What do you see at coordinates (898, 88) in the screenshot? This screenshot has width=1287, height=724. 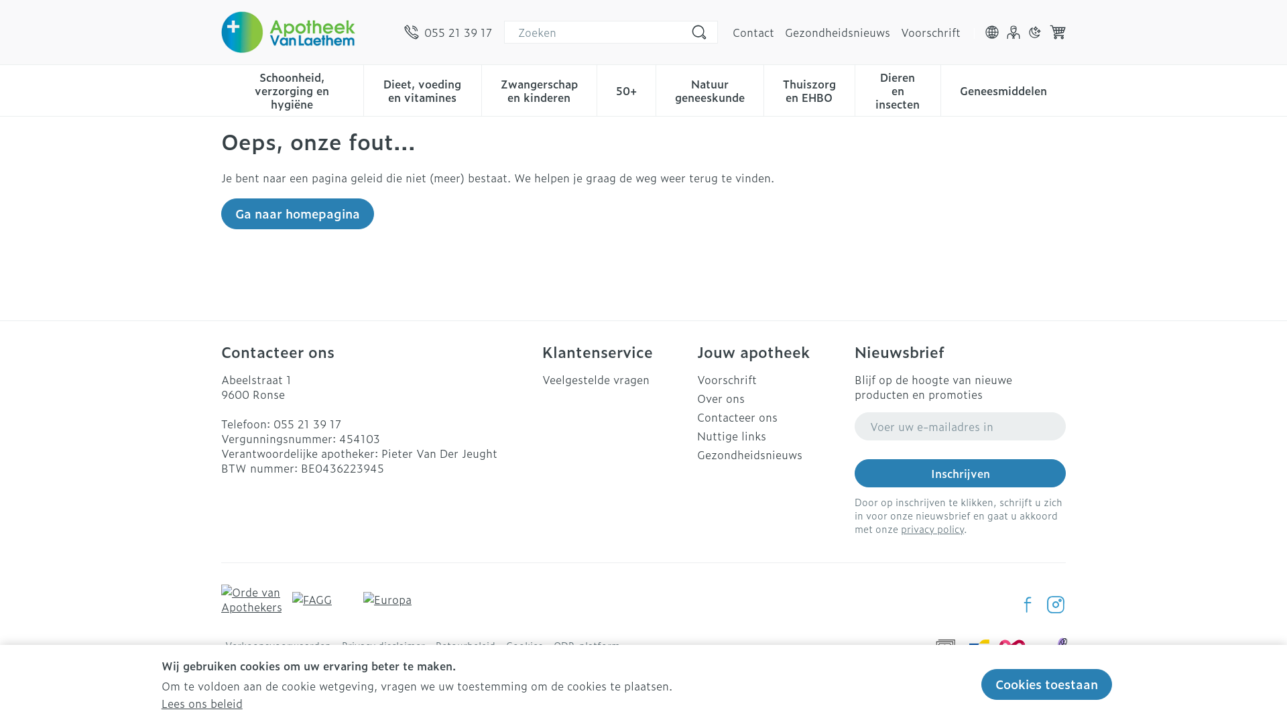 I see `'Dieren en insecten'` at bounding box center [898, 88].